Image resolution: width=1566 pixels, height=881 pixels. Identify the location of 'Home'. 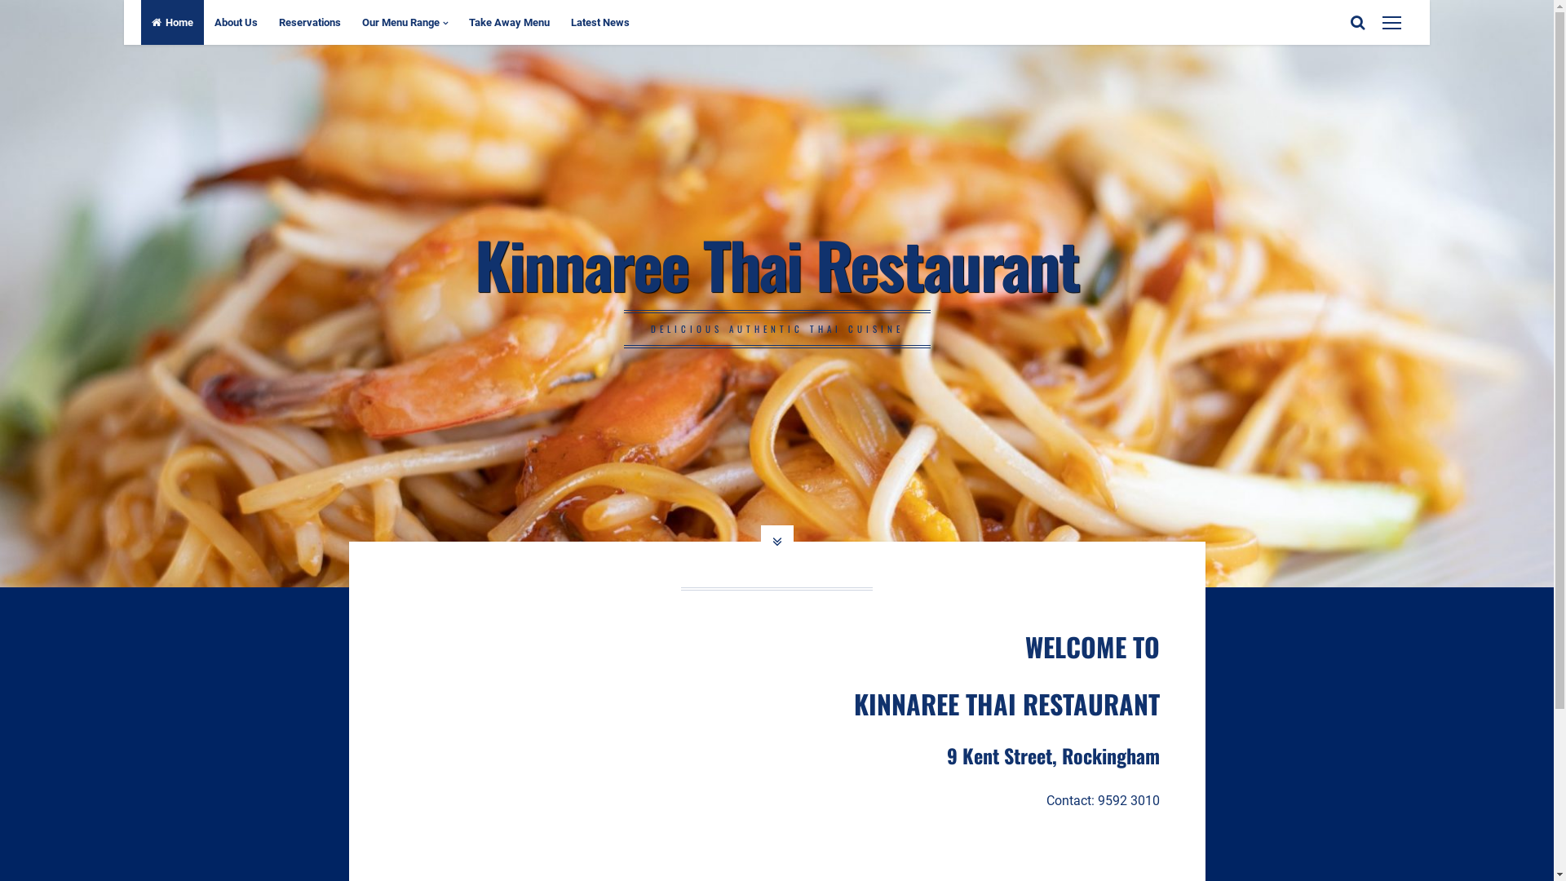
(172, 22).